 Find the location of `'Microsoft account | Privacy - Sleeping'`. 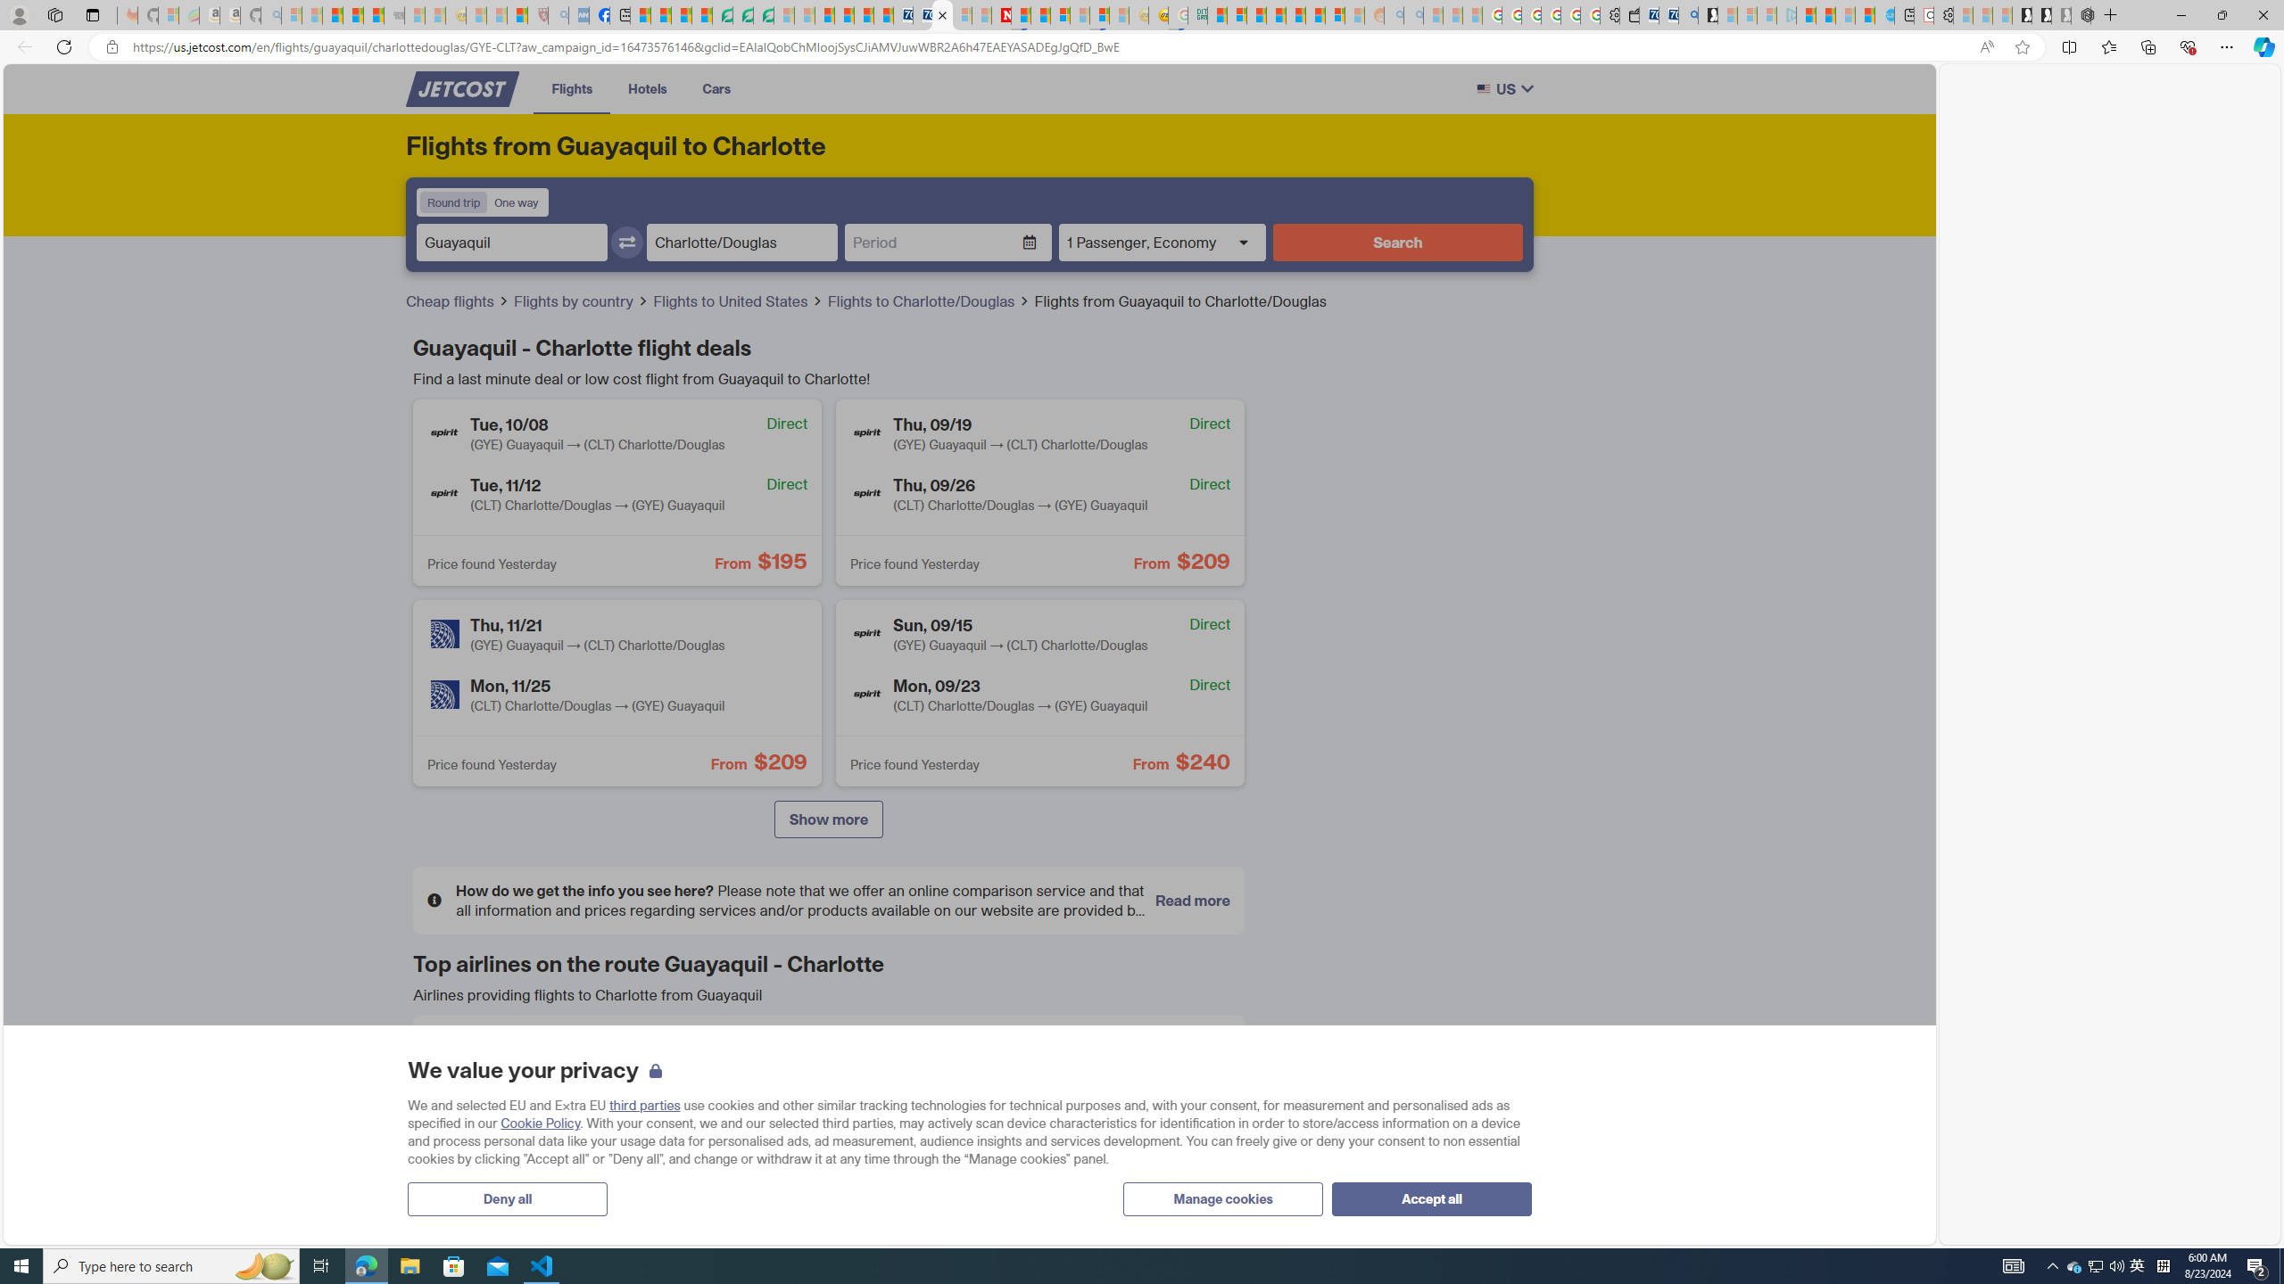

'Microsoft account | Privacy - Sleeping' is located at coordinates (1767, 14).